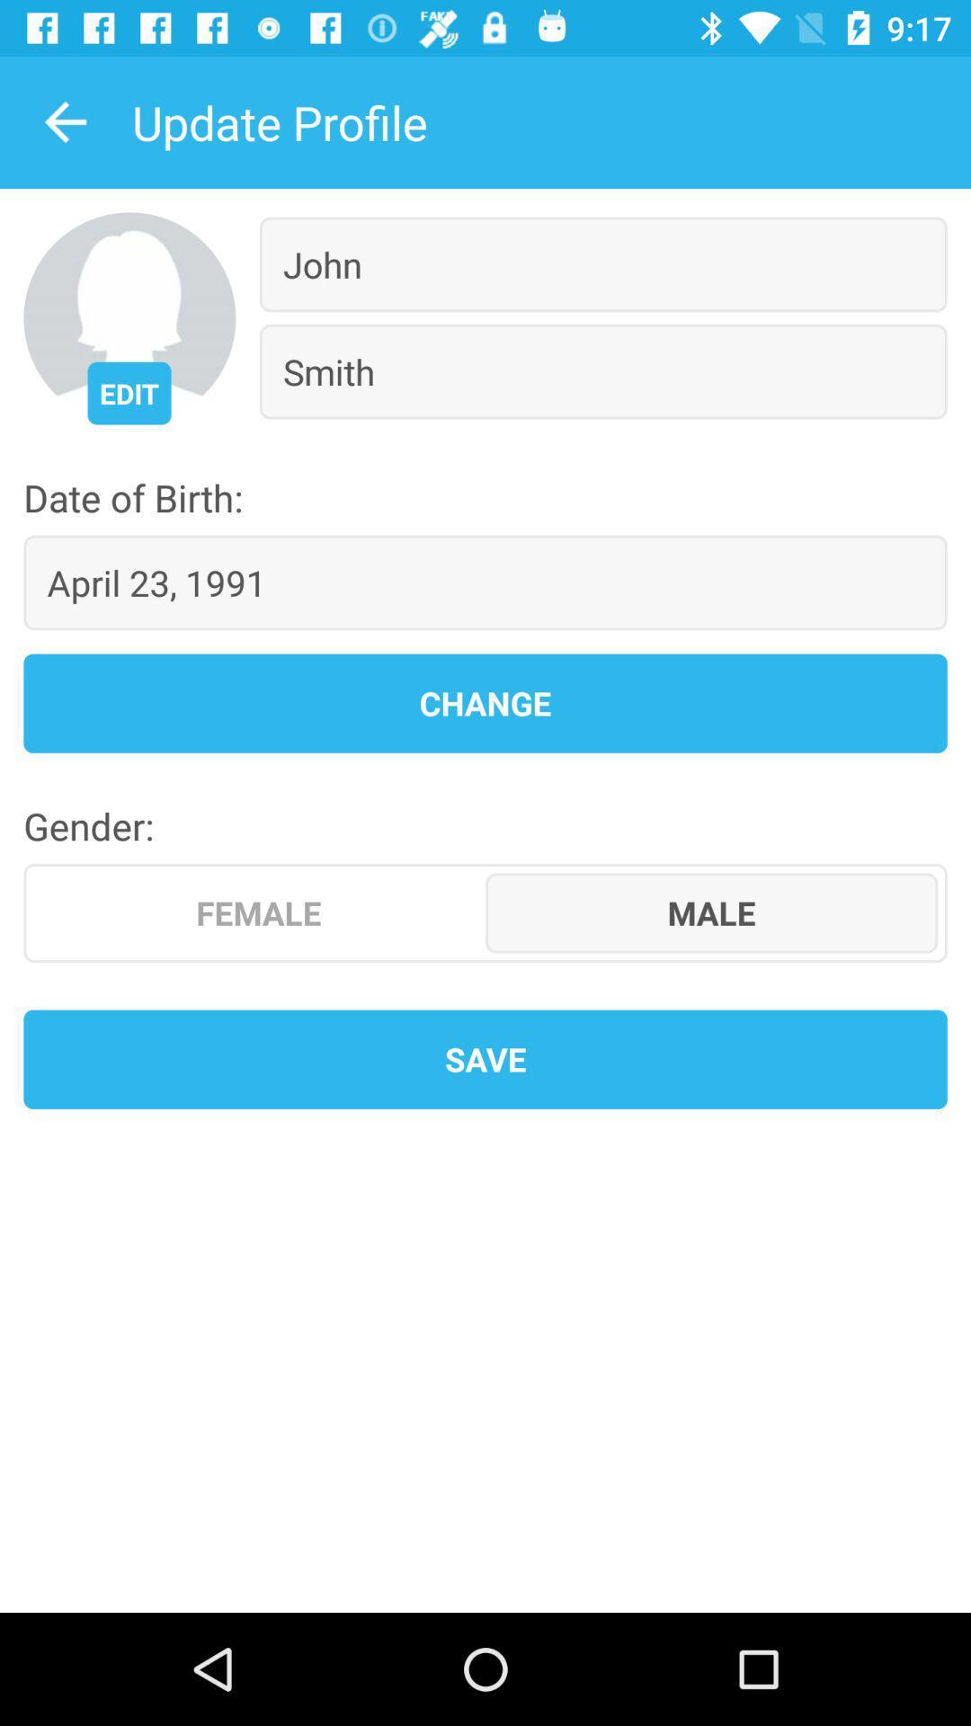  Describe the element at coordinates (710, 912) in the screenshot. I see `icon above save icon` at that location.